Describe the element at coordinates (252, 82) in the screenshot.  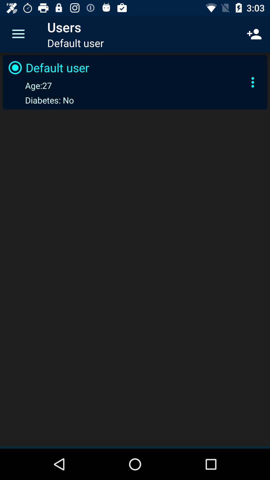
I see `the icon next to default user item` at that location.